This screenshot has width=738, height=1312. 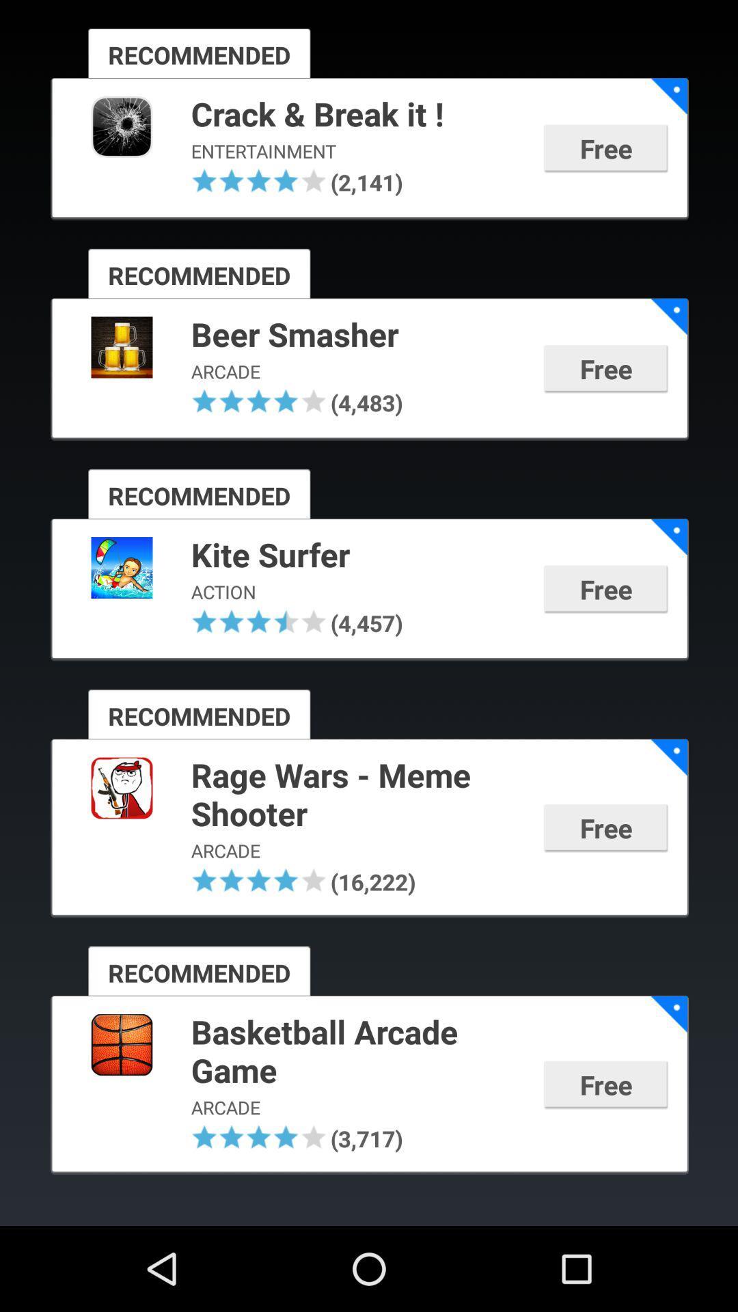 I want to click on icon to the left of free, so click(x=364, y=181).